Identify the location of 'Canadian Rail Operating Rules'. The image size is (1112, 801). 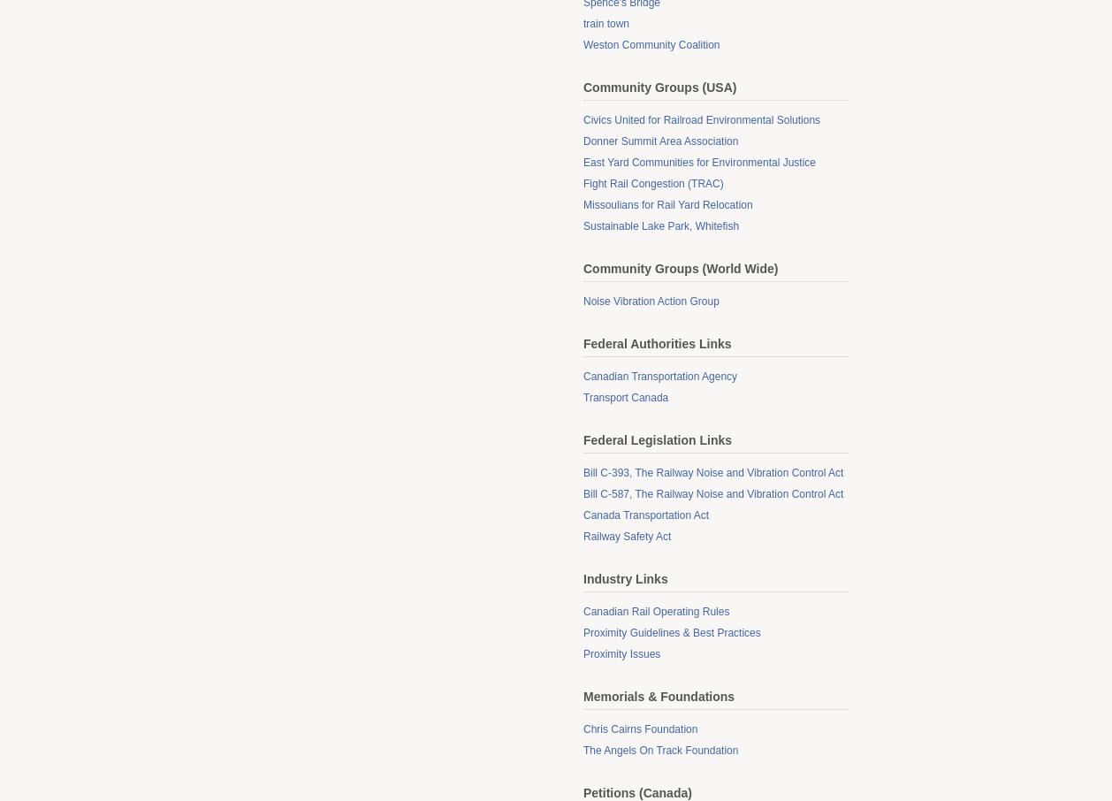
(656, 612).